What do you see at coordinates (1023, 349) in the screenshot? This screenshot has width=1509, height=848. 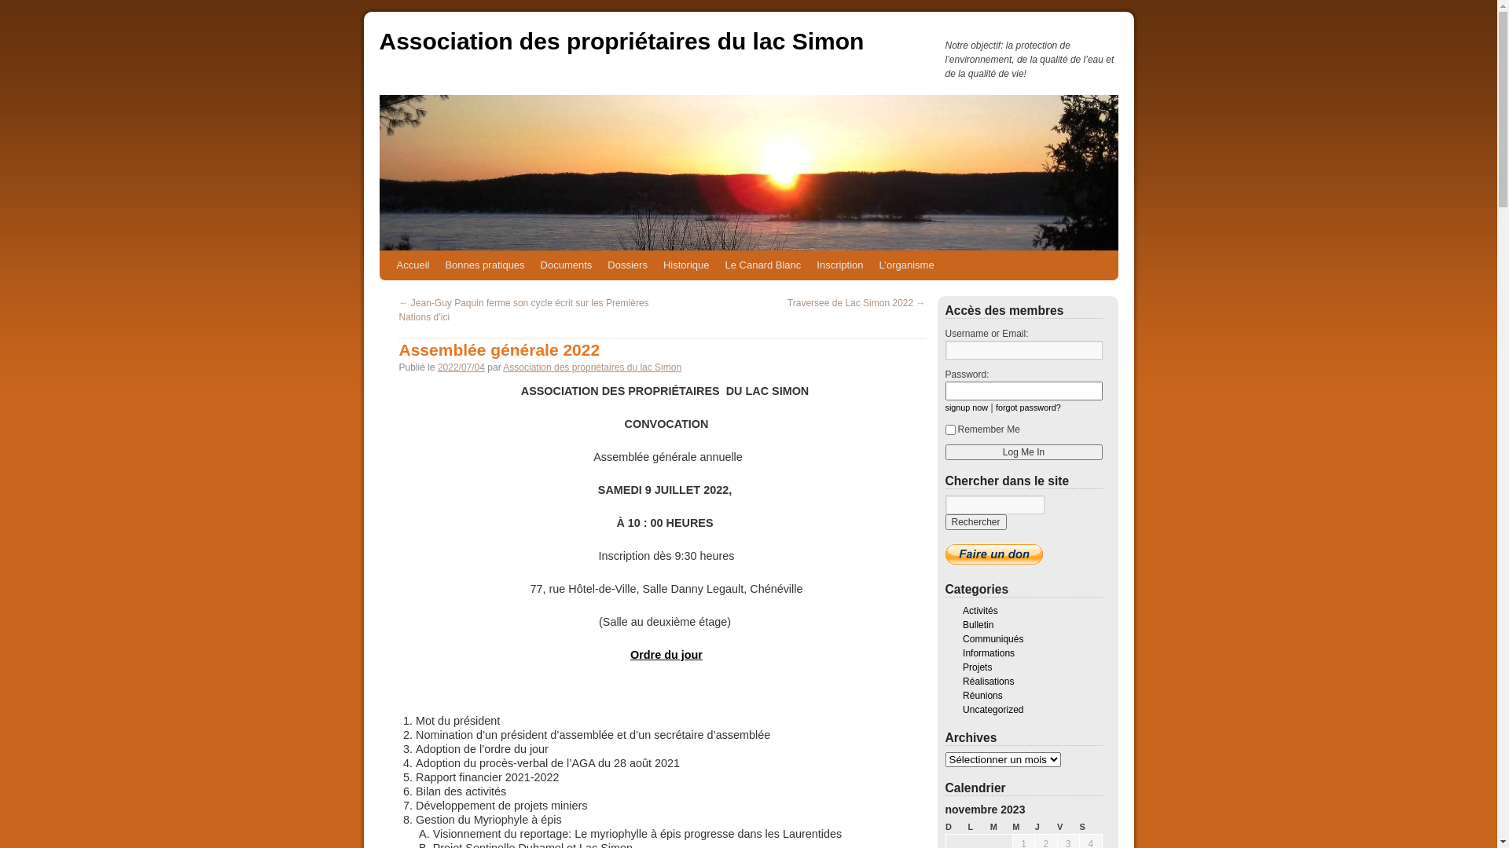 I see `'Username'` at bounding box center [1023, 349].